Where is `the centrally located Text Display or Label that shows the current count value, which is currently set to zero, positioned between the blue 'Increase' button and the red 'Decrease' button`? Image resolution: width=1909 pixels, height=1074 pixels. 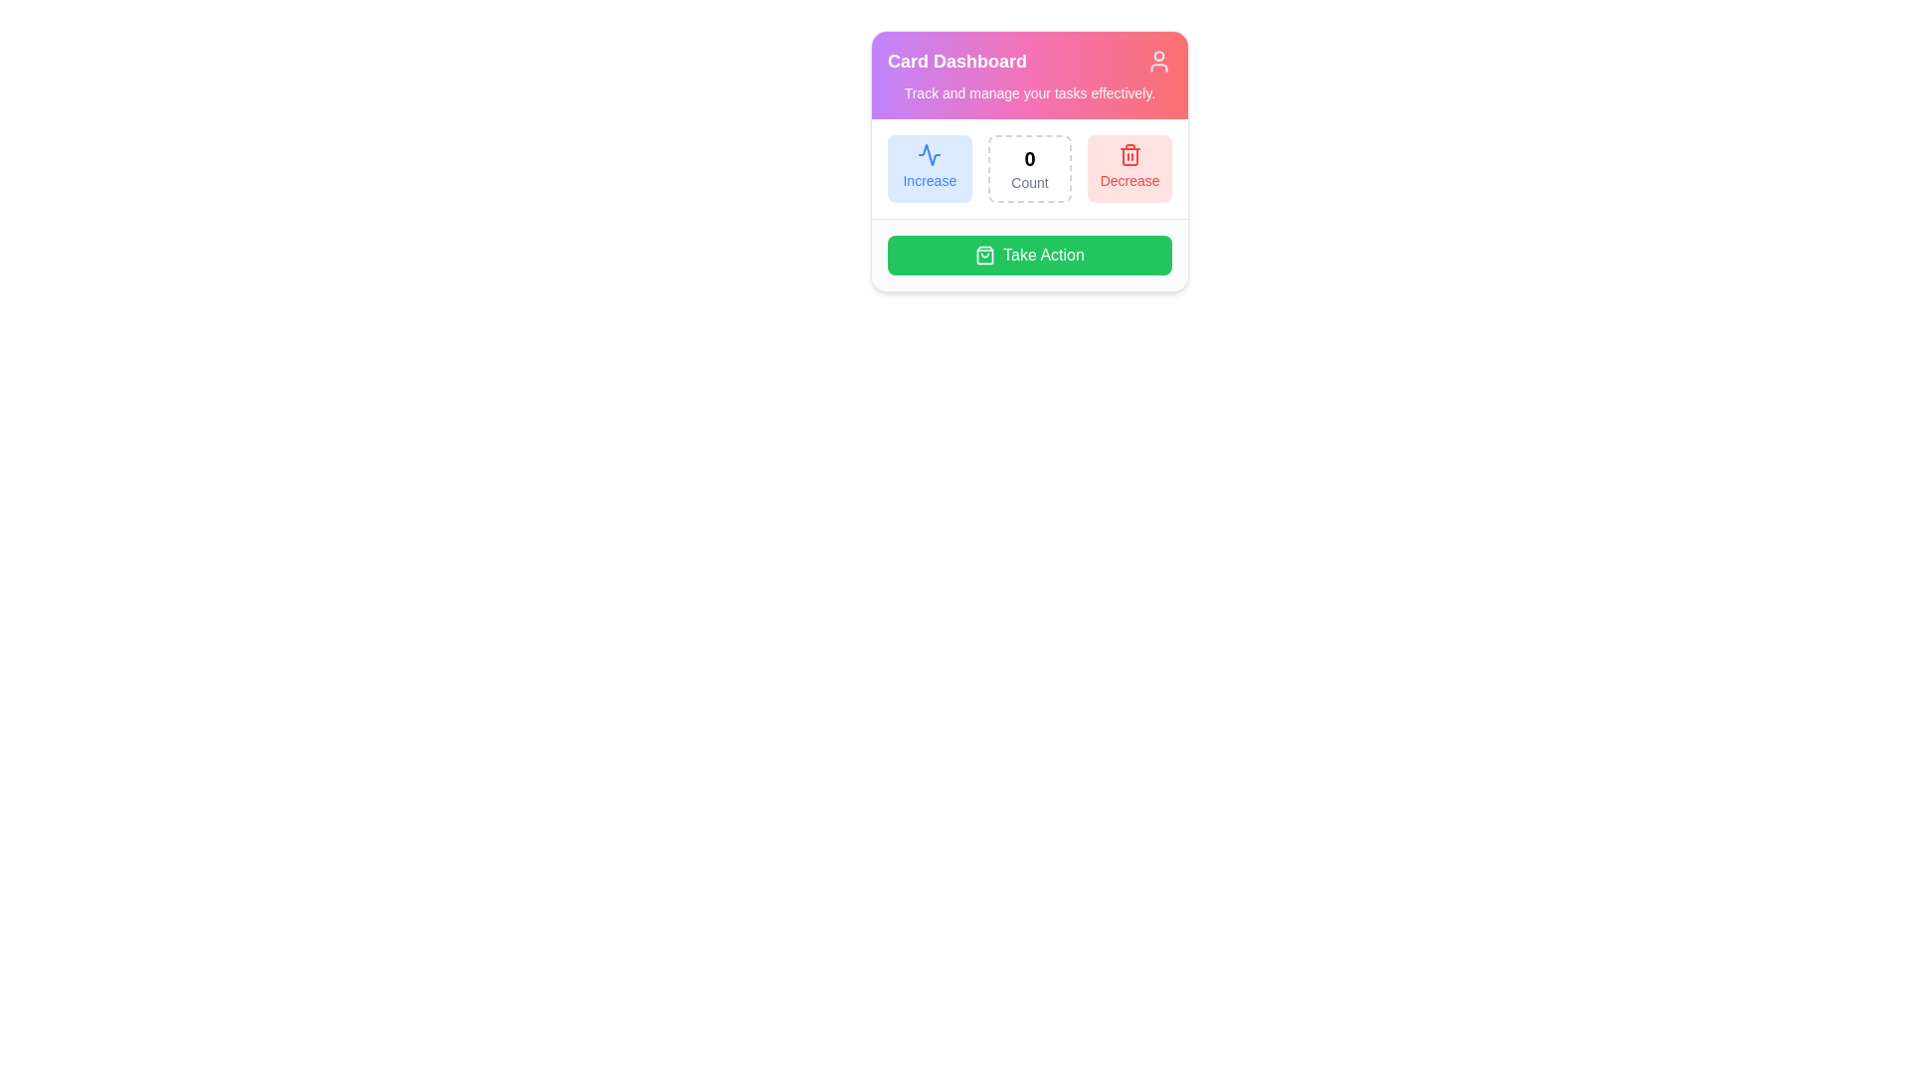 the centrally located Text Display or Label that shows the current count value, which is currently set to zero, positioned between the blue 'Increase' button and the red 'Decrease' button is located at coordinates (1030, 167).